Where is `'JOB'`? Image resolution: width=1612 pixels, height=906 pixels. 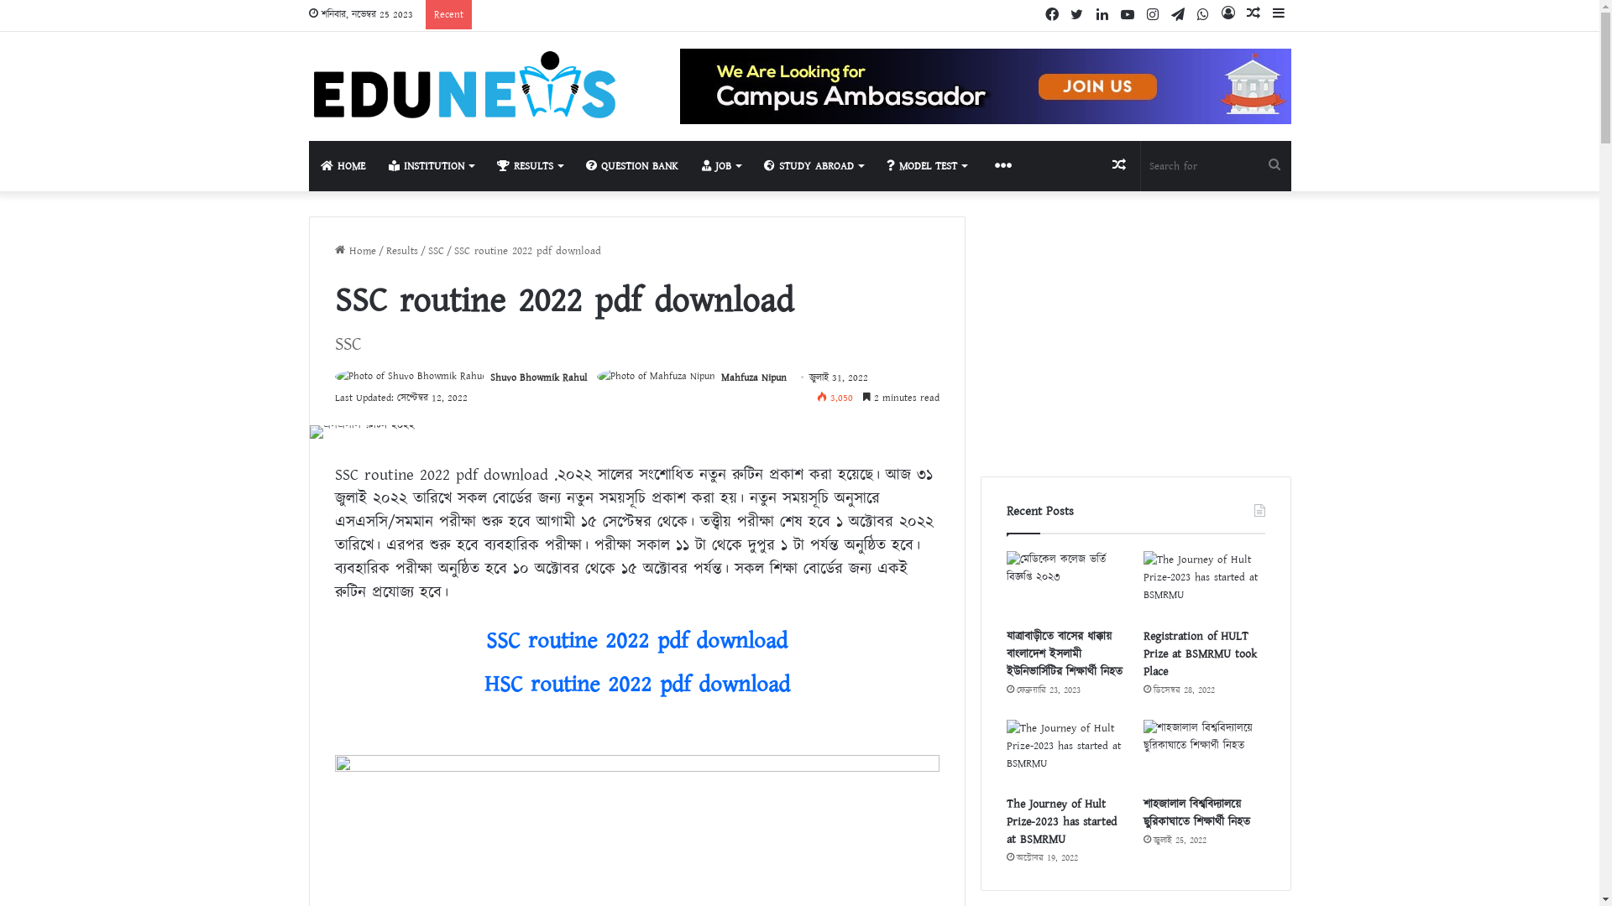
'JOB' is located at coordinates (721, 165).